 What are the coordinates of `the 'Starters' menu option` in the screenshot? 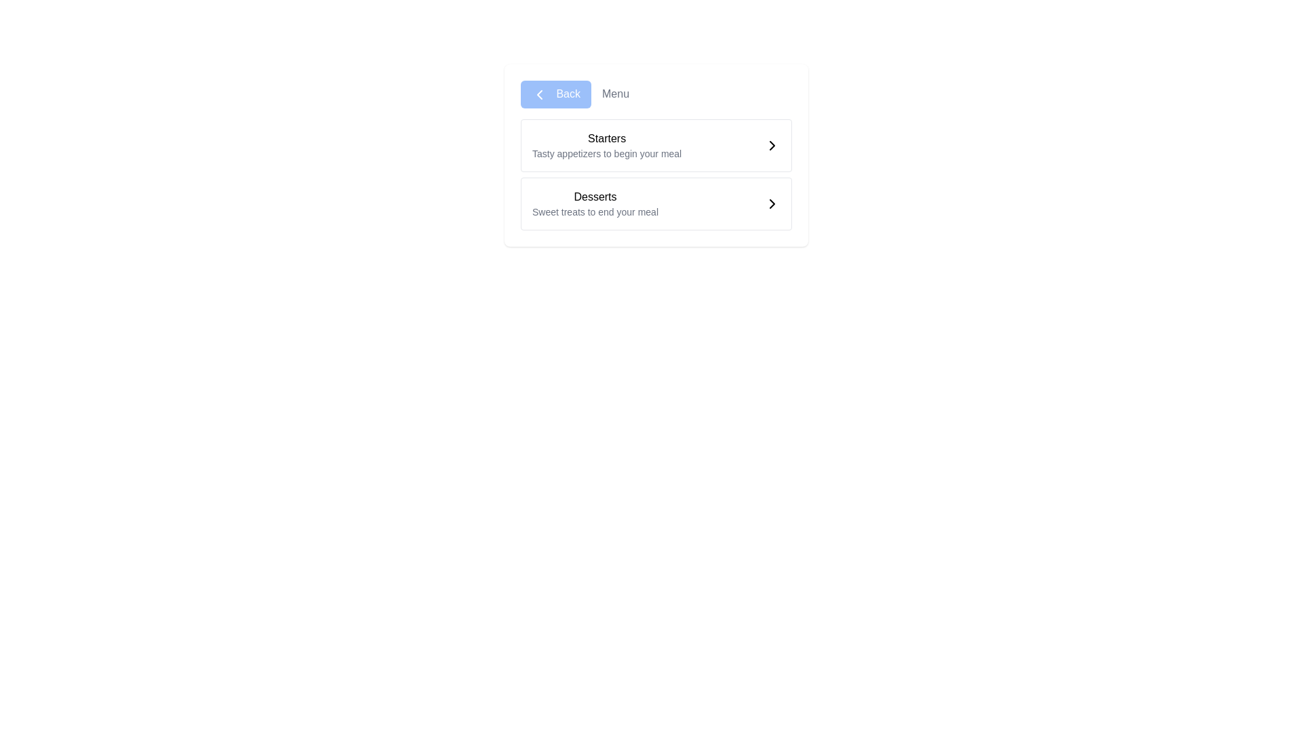 It's located at (656, 144).